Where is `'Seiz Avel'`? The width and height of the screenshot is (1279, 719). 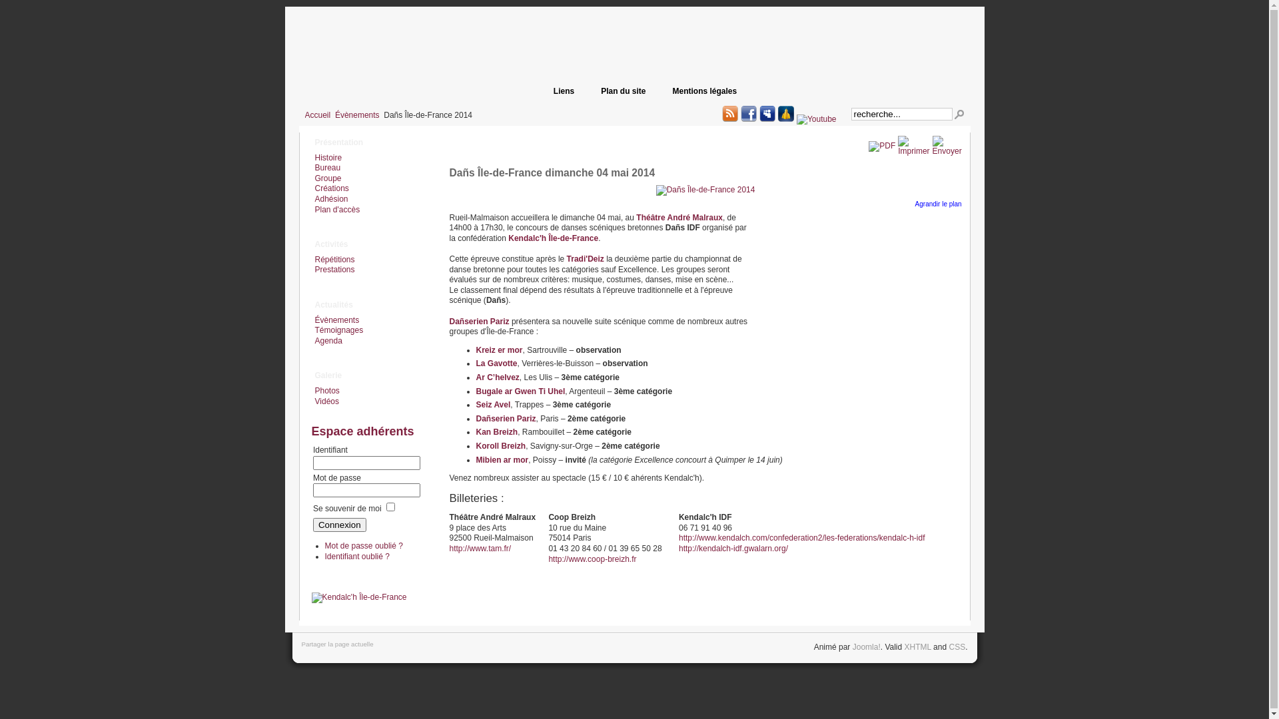
'Seiz Avel' is located at coordinates (492, 404).